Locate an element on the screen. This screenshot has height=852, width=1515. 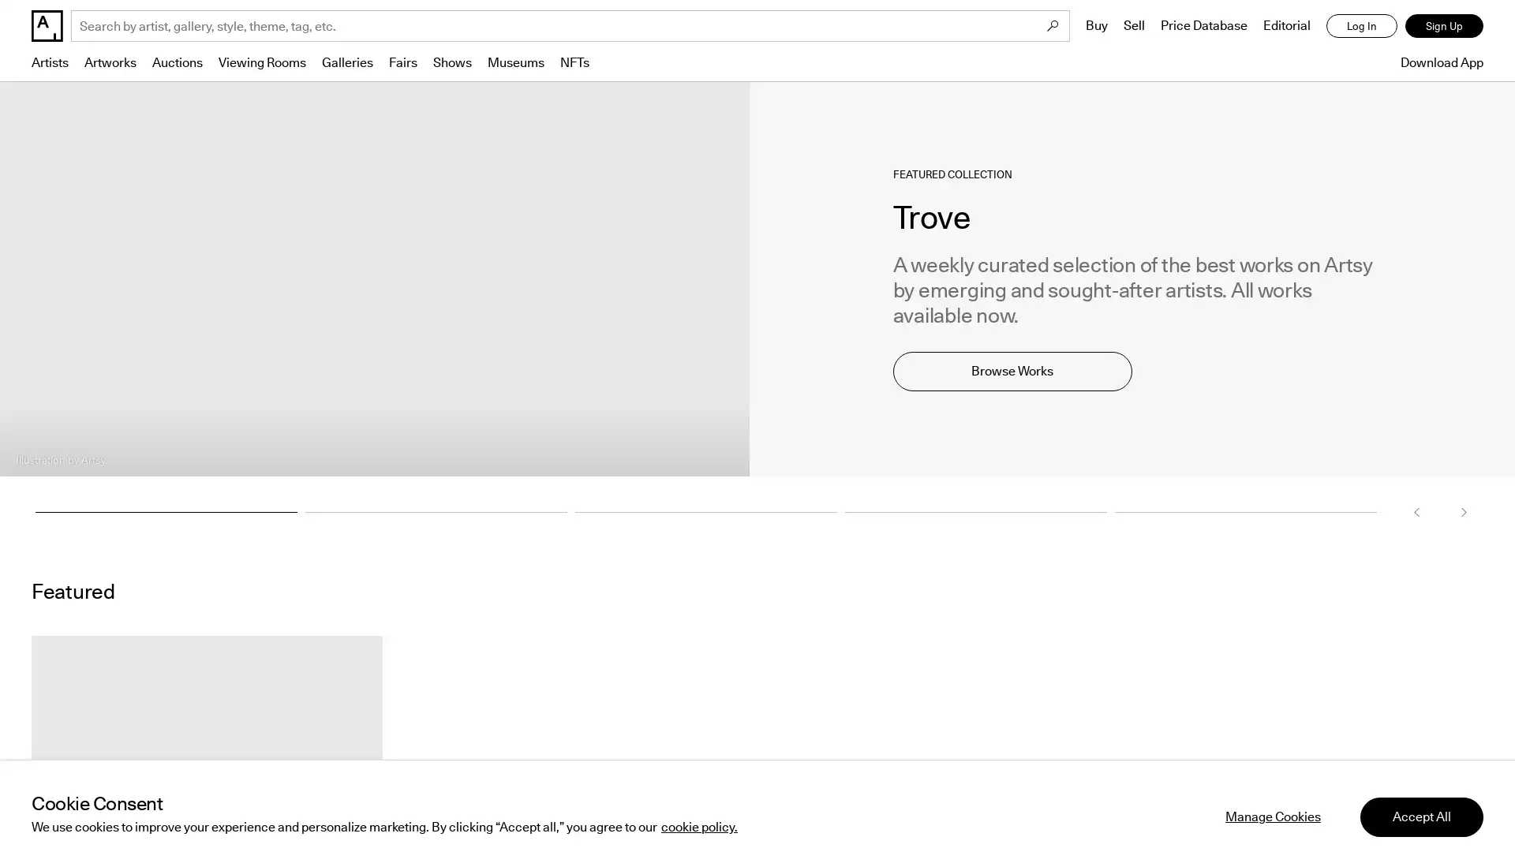
Manage Cookies is located at coordinates (1273, 800).